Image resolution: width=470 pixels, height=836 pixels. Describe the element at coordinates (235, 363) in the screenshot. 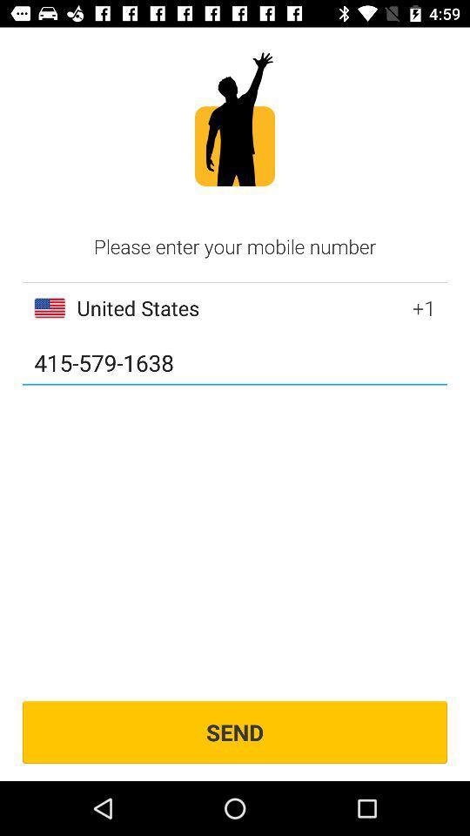

I see `415-579-1638 item` at that location.